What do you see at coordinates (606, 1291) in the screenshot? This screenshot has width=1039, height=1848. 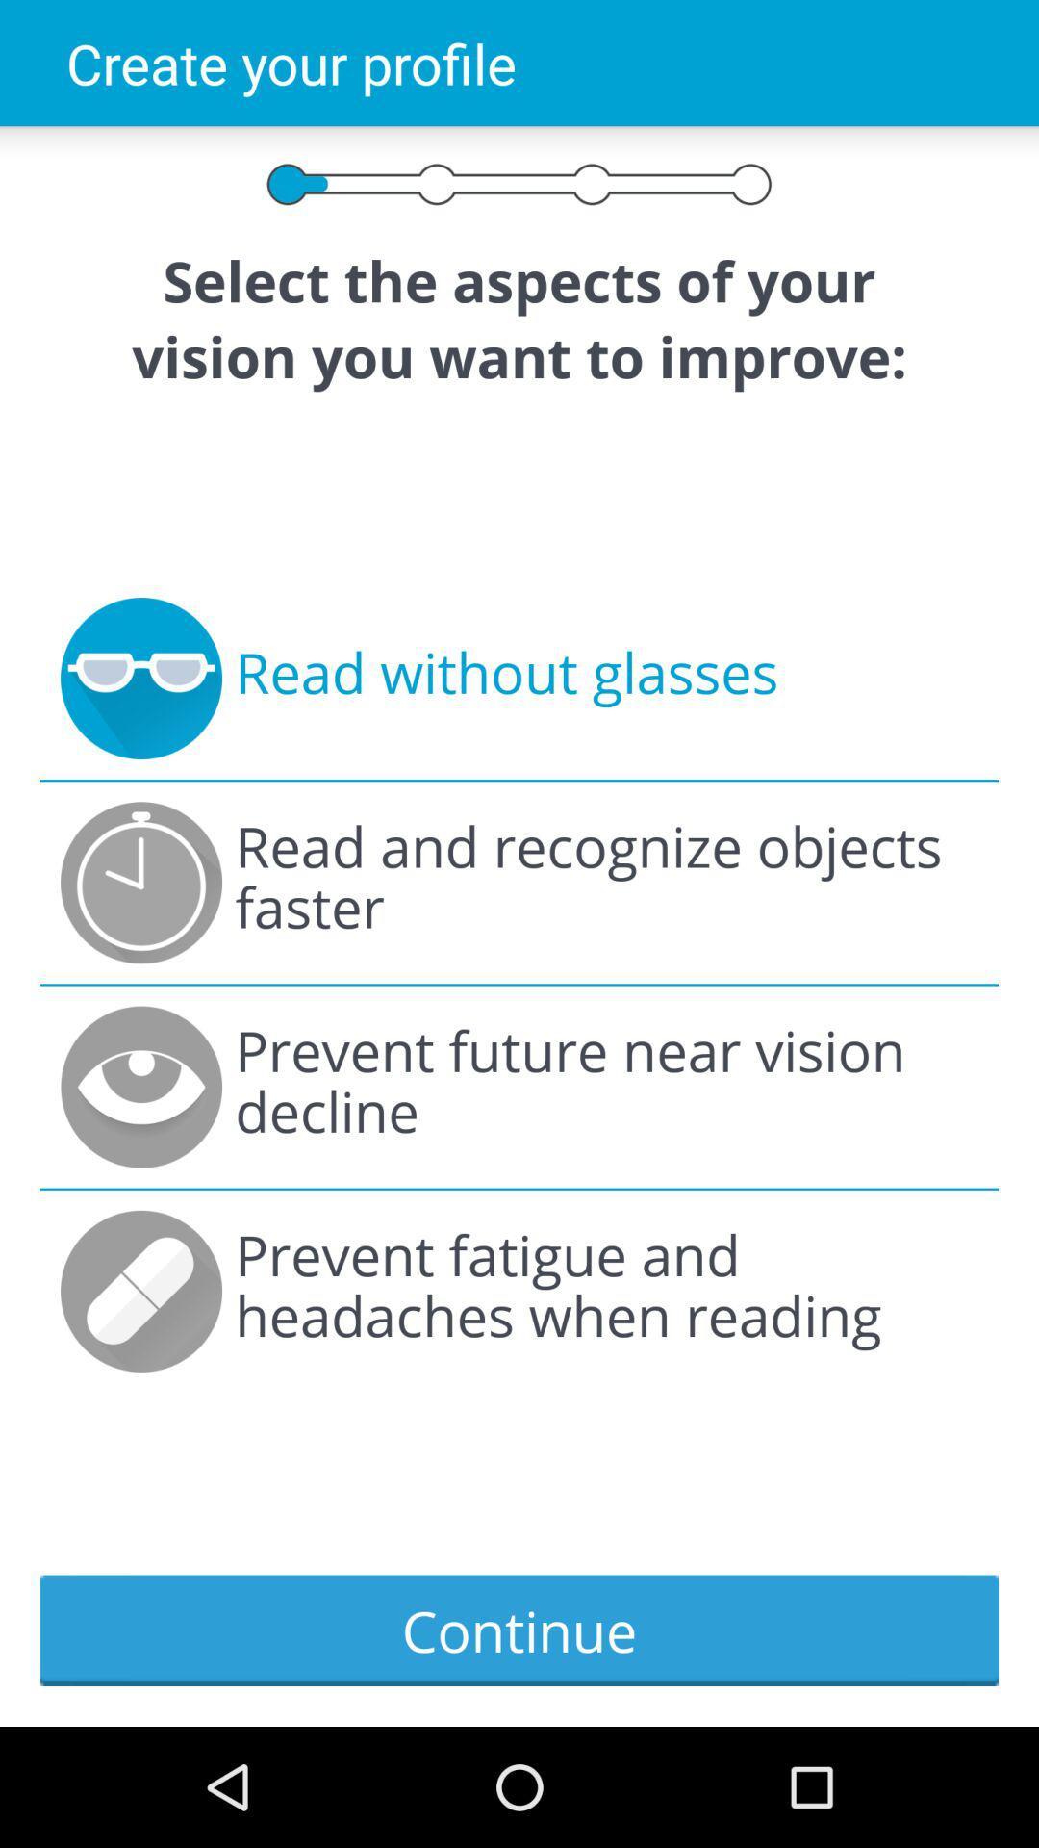 I see `the prevent fatigue and` at bounding box center [606, 1291].